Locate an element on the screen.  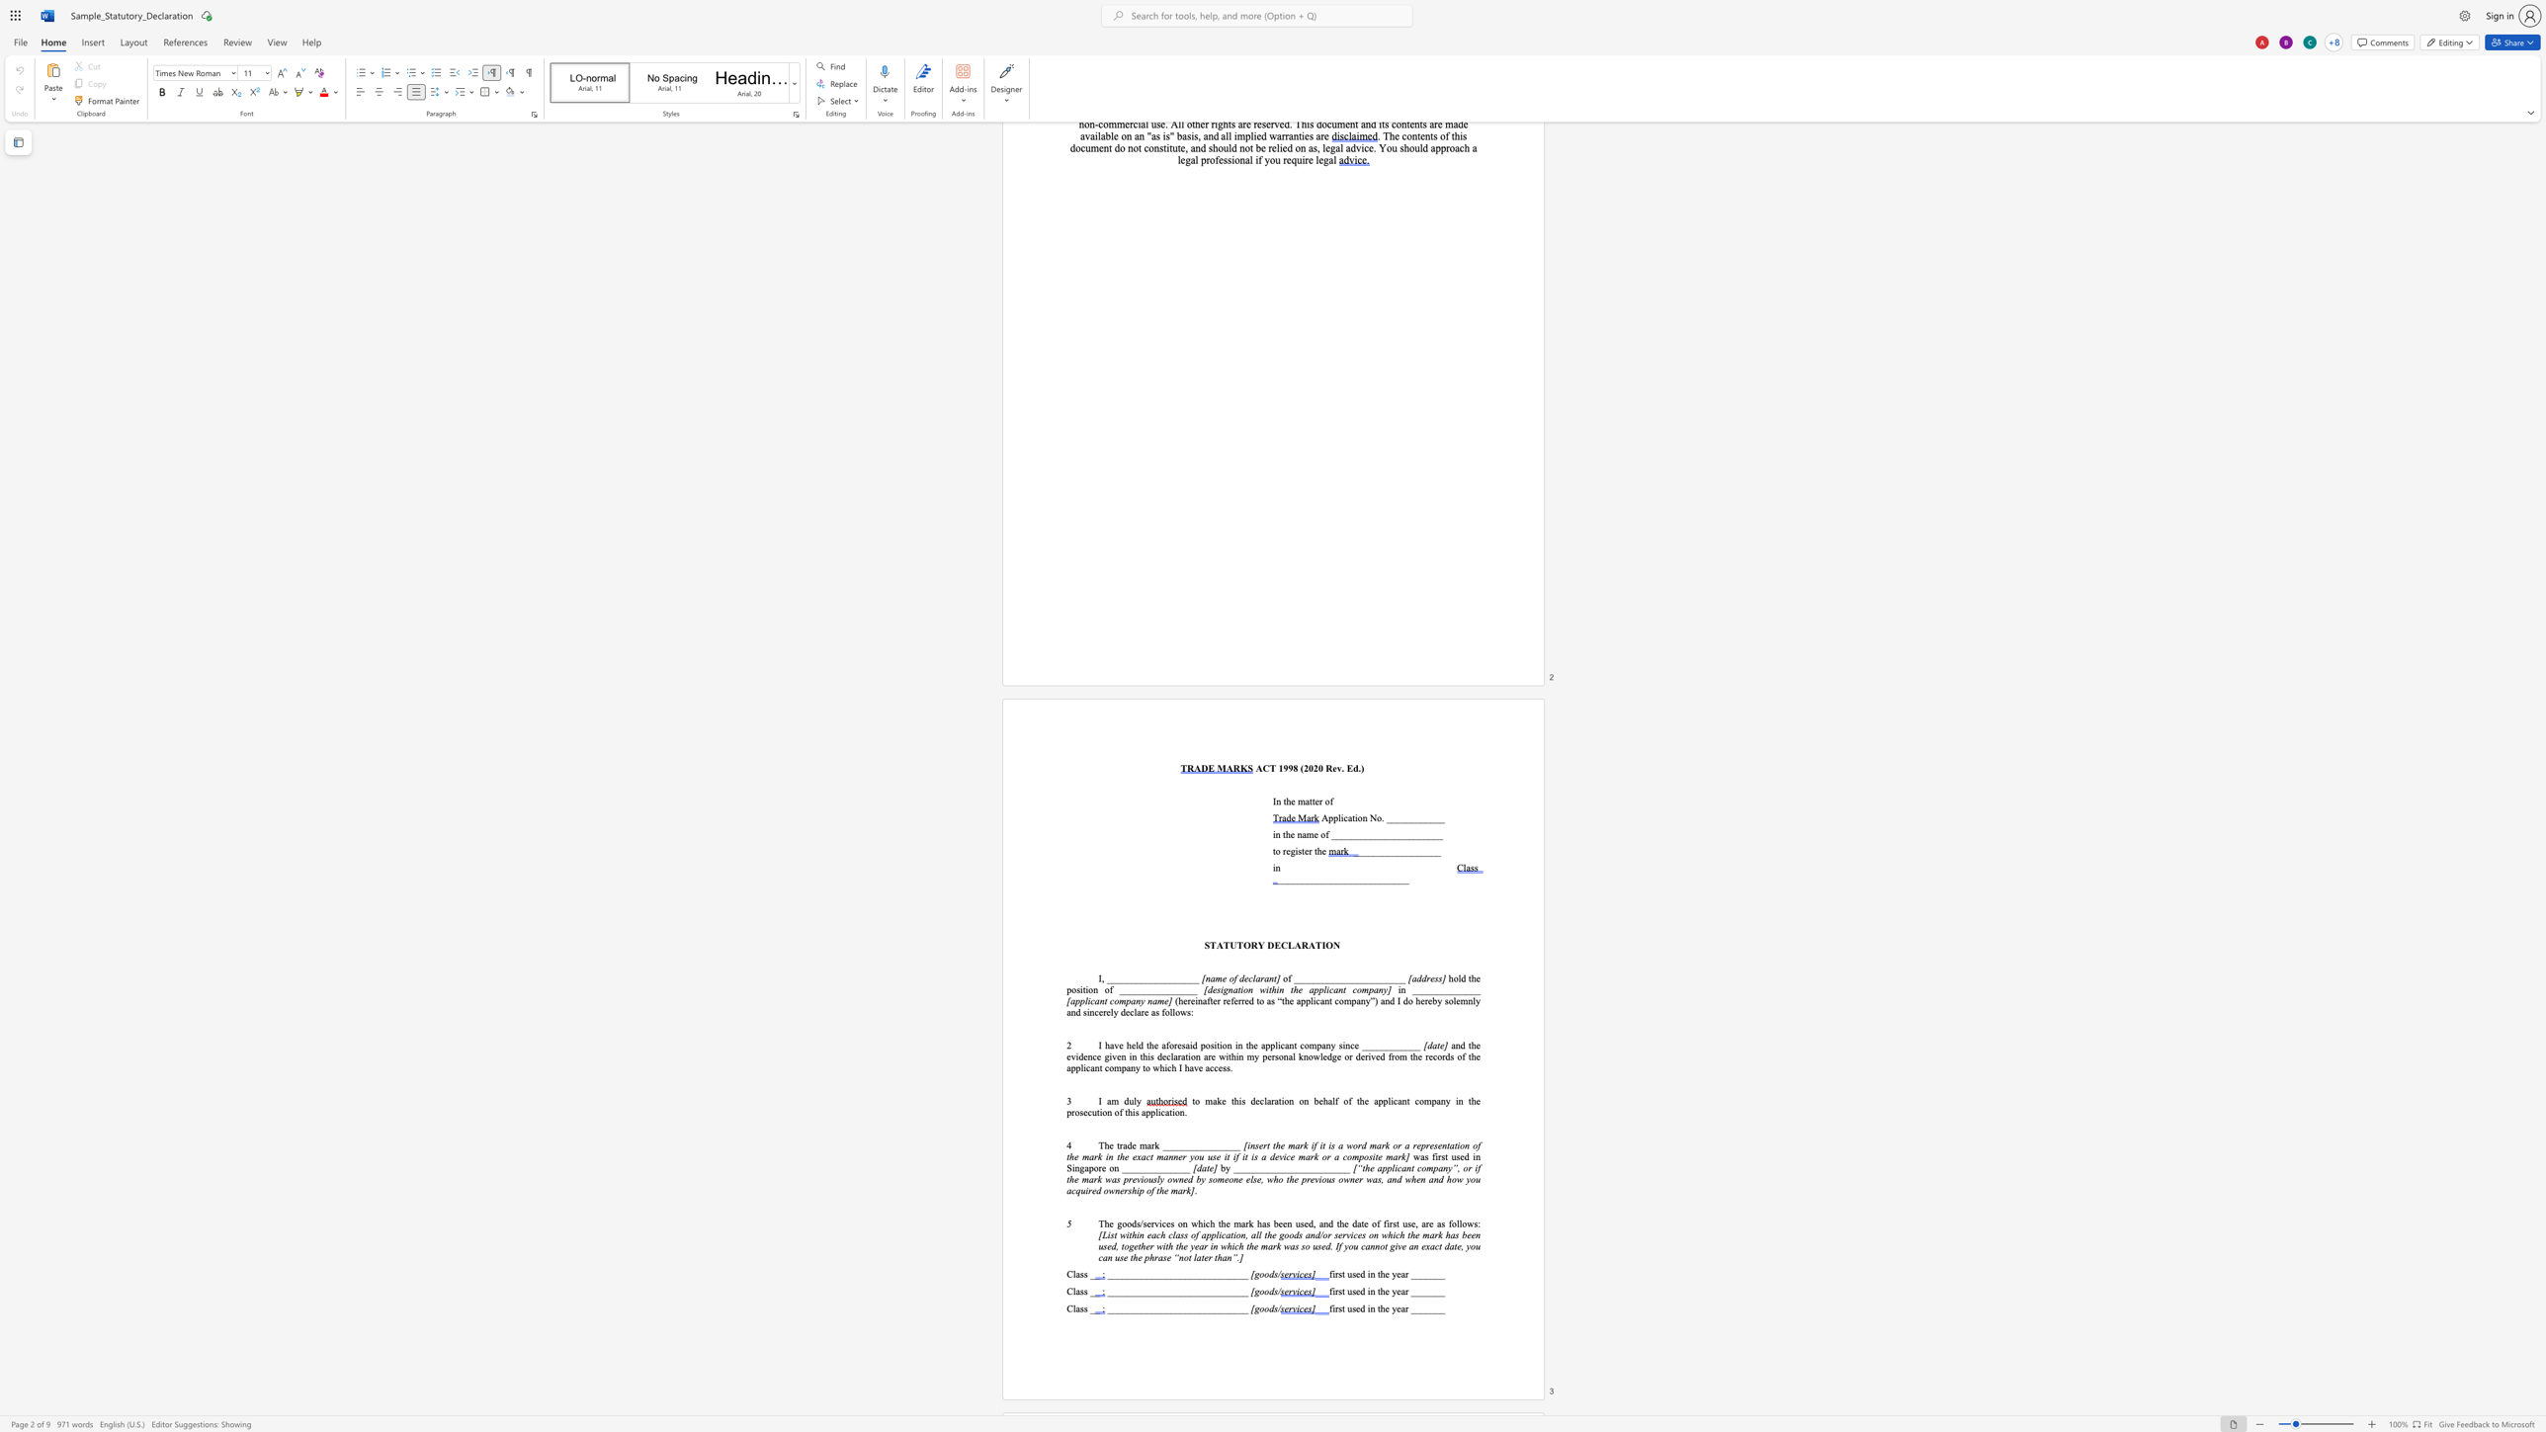
the space between the continuous character "t" and "h" in the text is located at coordinates (1316, 849).